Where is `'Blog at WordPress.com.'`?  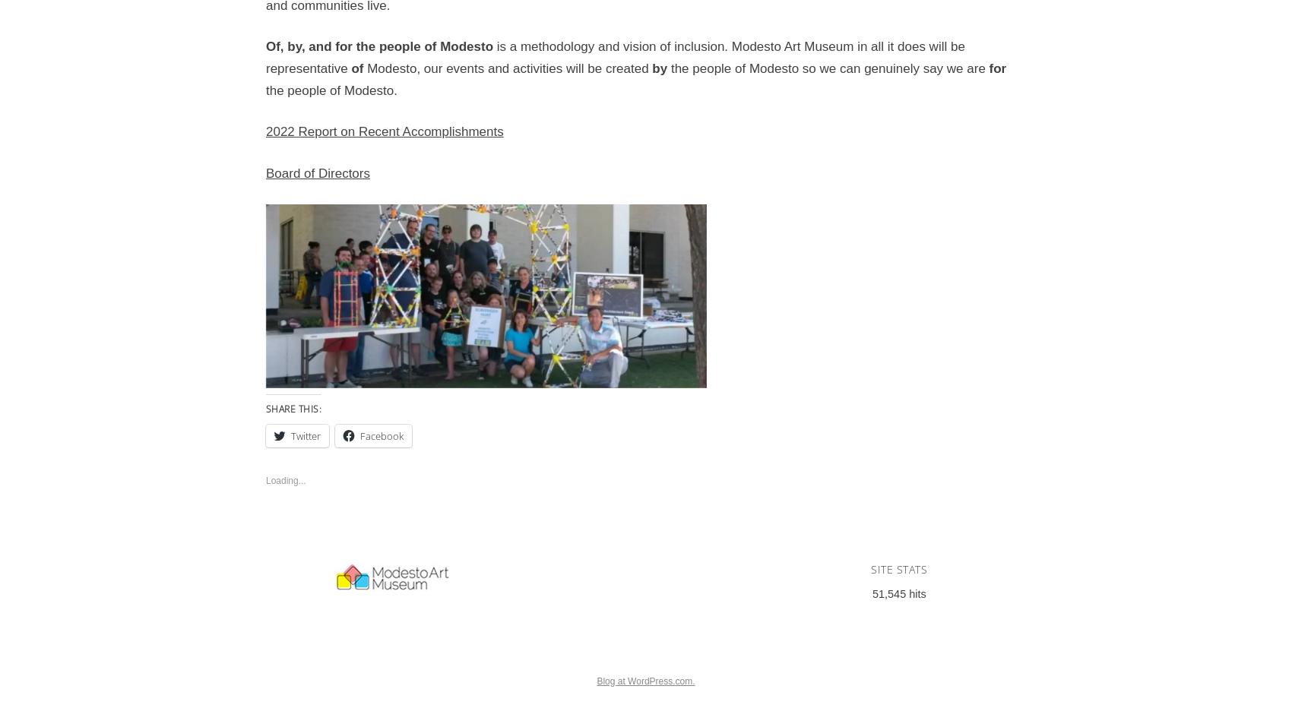 'Blog at WordPress.com.' is located at coordinates (644, 681).